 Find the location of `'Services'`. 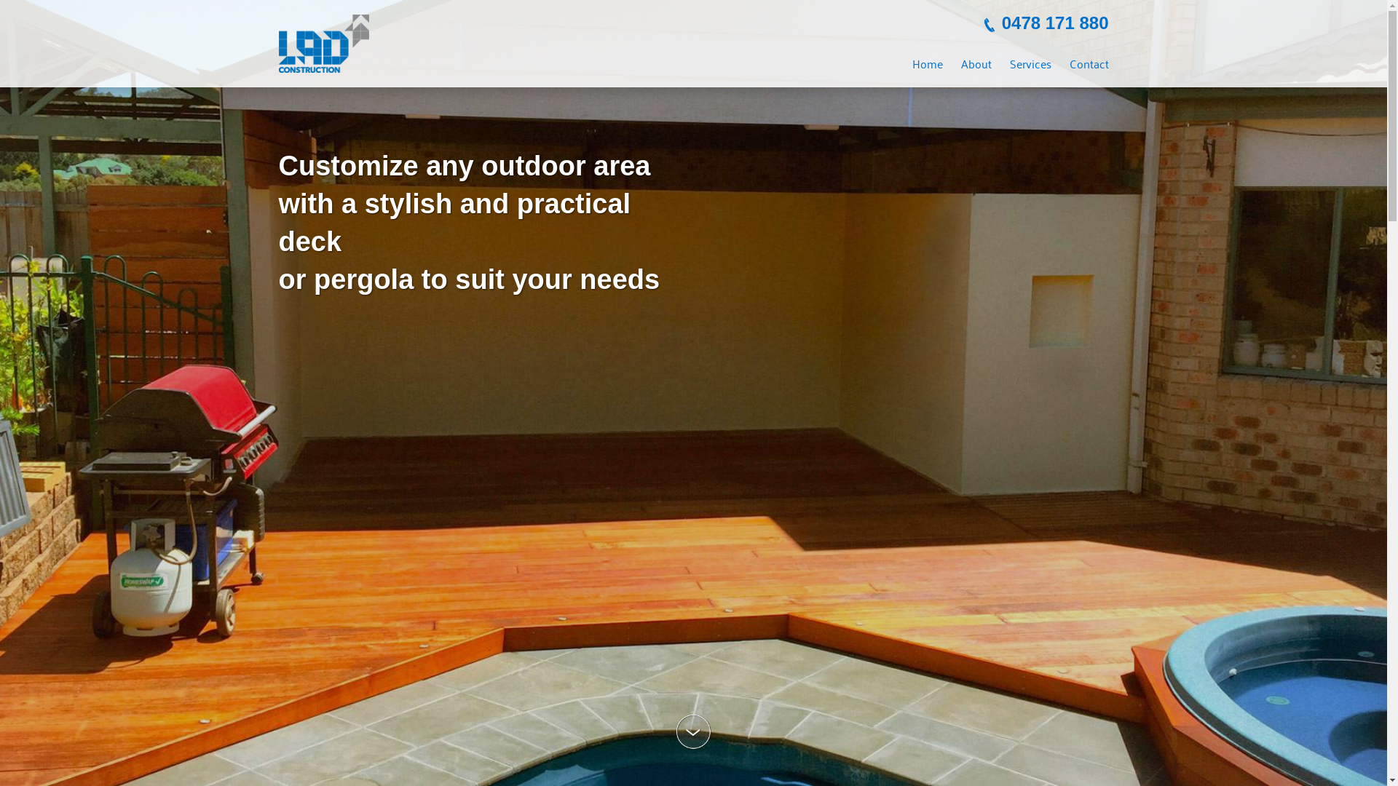

'Services' is located at coordinates (1029, 63).